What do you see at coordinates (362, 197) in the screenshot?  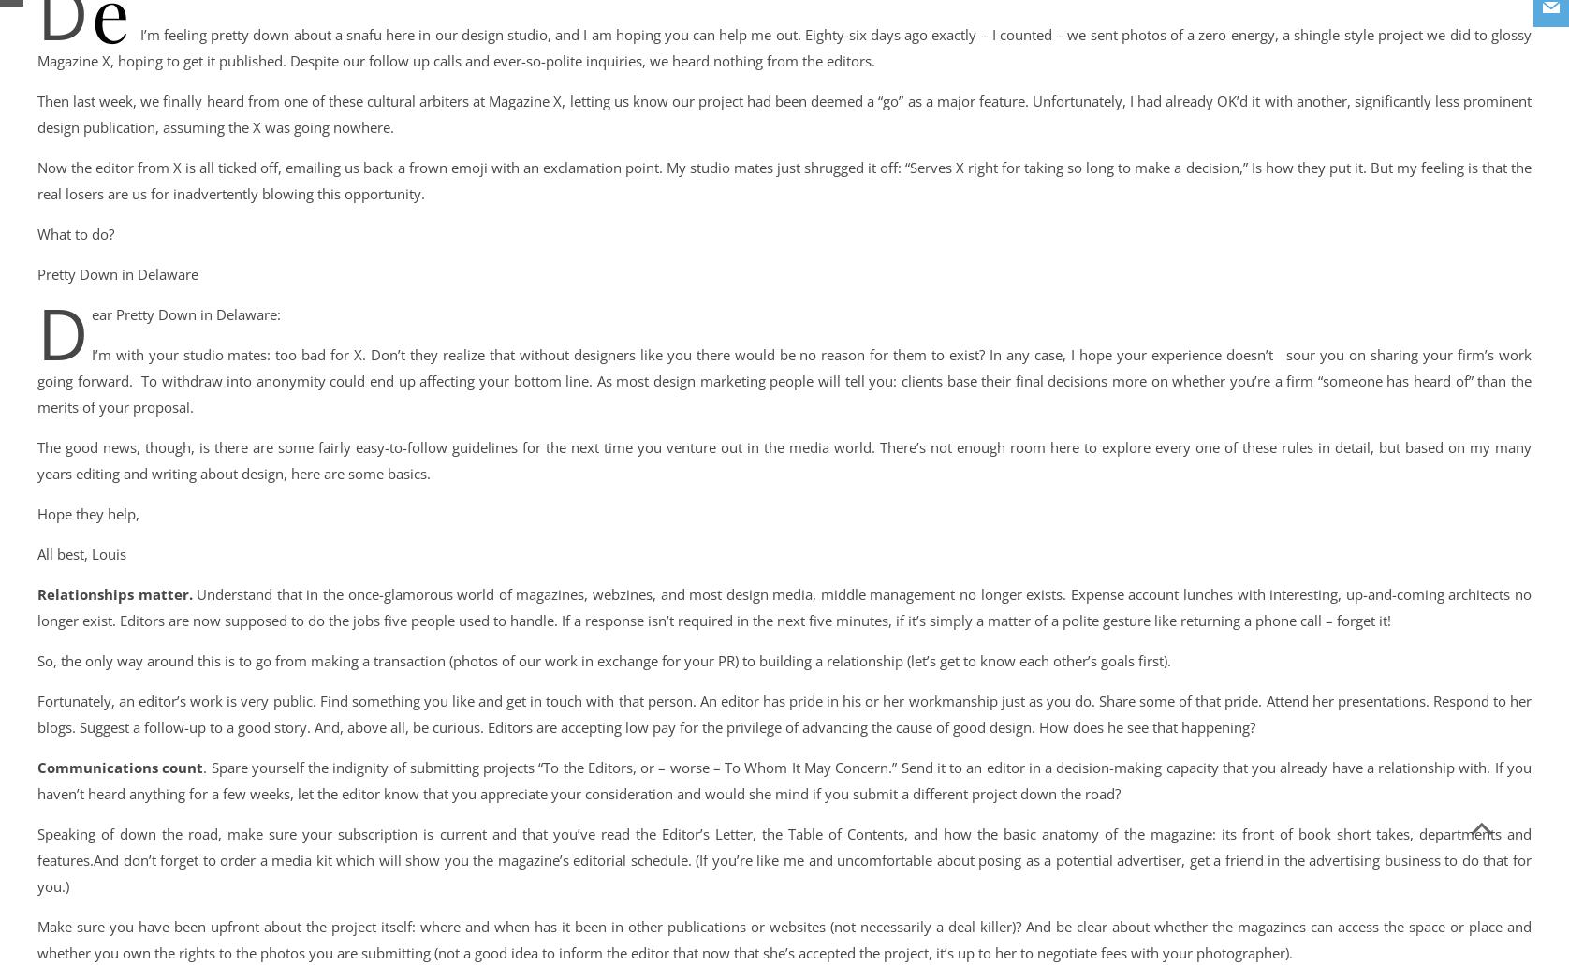 I see `'Has Traditional Marketing Hit a Dead End?'` at bounding box center [362, 197].